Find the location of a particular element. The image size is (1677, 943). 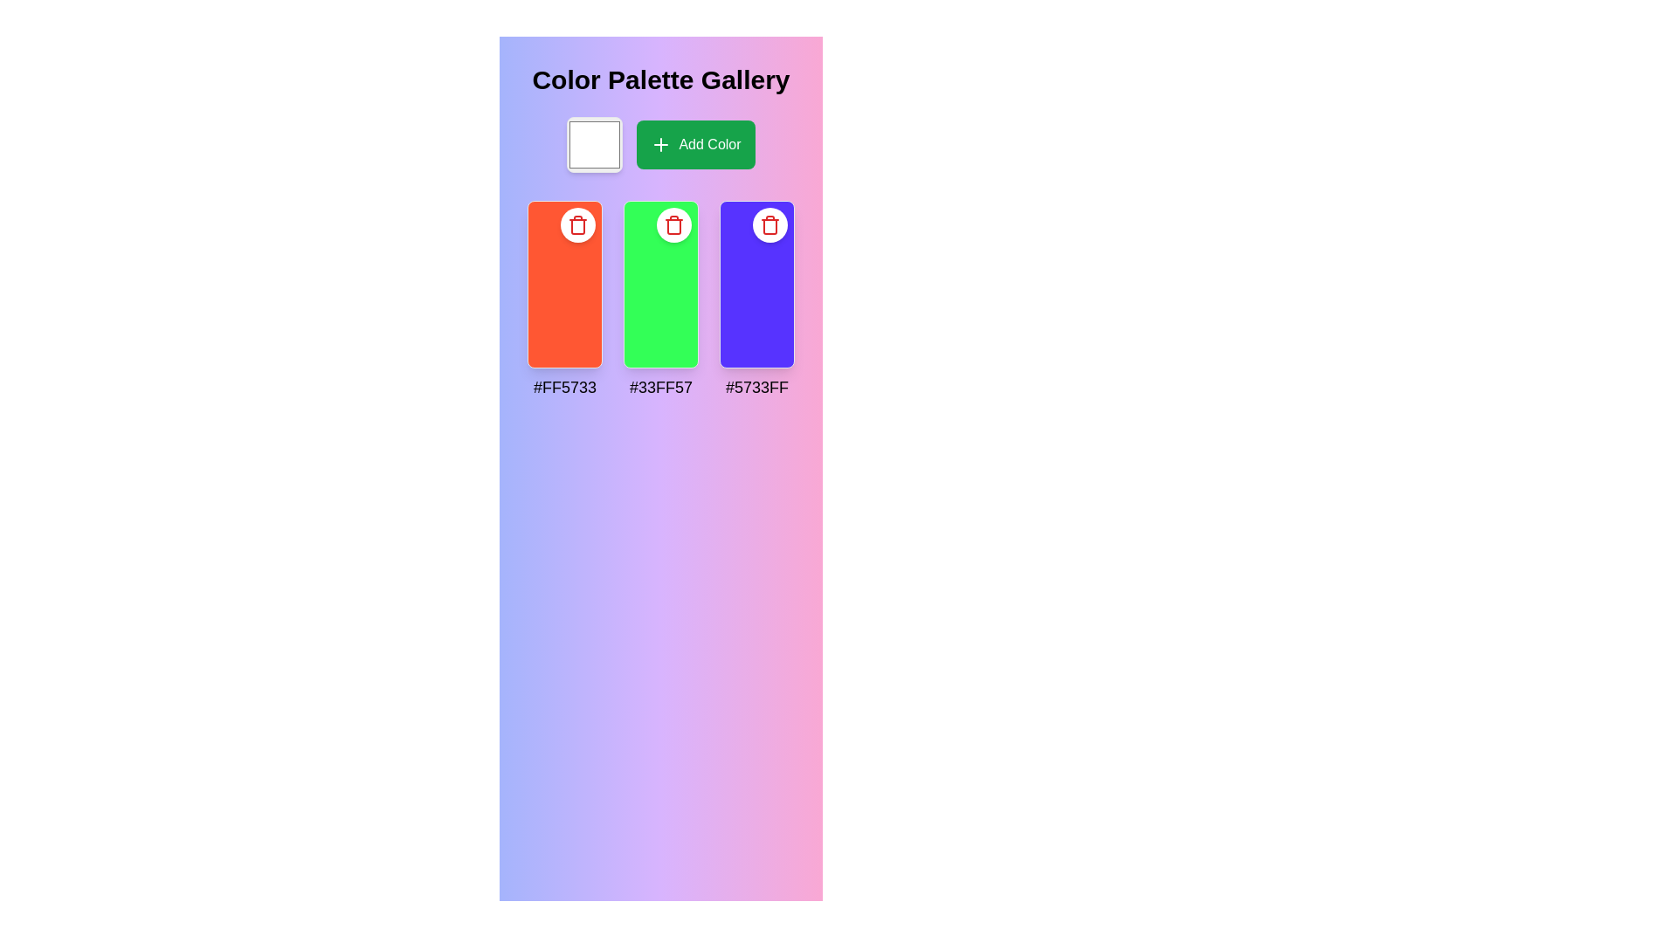

the Color card, which has a vibrant orange background and a white circular button with a red trash icon at the top-right corner is located at coordinates (565, 284).